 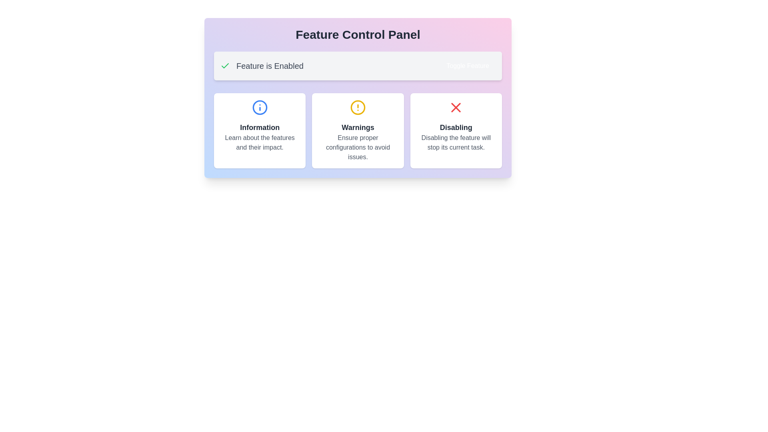 What do you see at coordinates (357, 148) in the screenshot?
I see `the informational text label located below the 'Warnings' header in the middle panel of the interface` at bounding box center [357, 148].